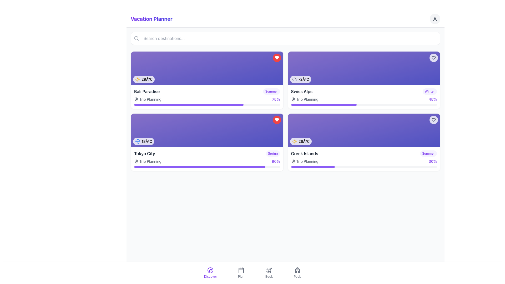 This screenshot has height=284, width=505. Describe the element at coordinates (138, 141) in the screenshot. I see `the weather icon representing rain protection located in the bottom-left corner of the 'Tokyo City' card, left of the temperature text '18°C'` at that location.